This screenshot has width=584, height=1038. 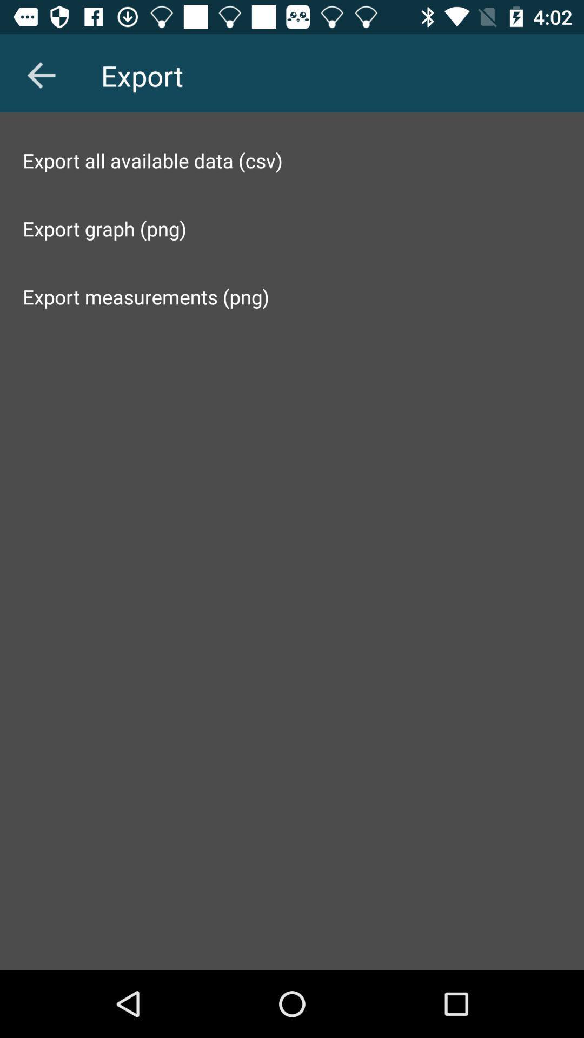 I want to click on the item at the top left corner, so click(x=41, y=75).